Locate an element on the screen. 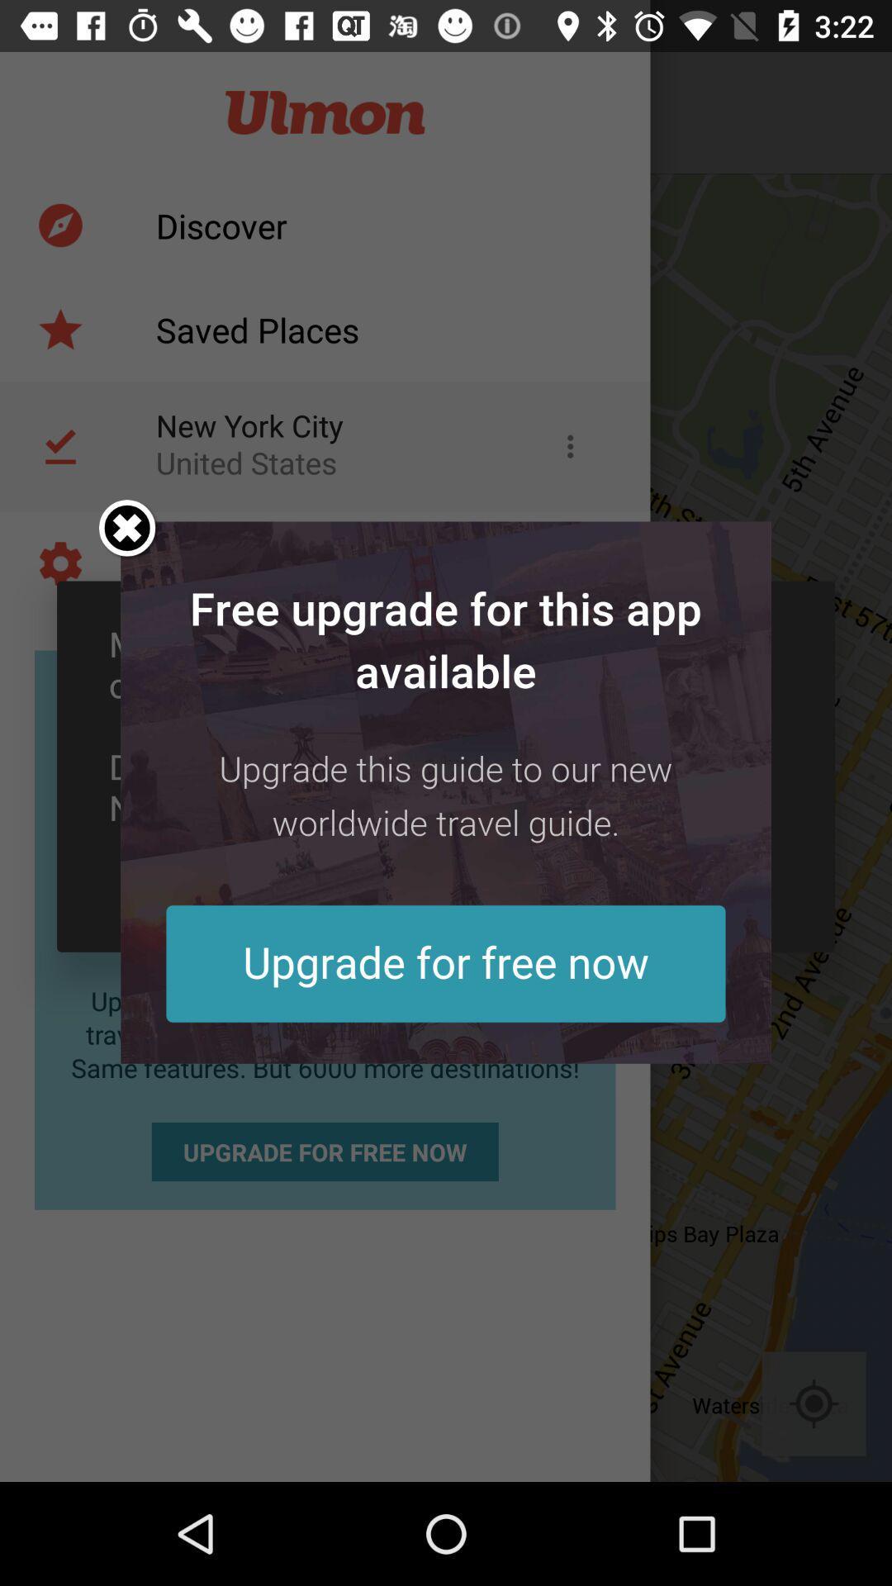 The width and height of the screenshot is (892, 1586). advertisement for free app upgrade is located at coordinates (446, 791).